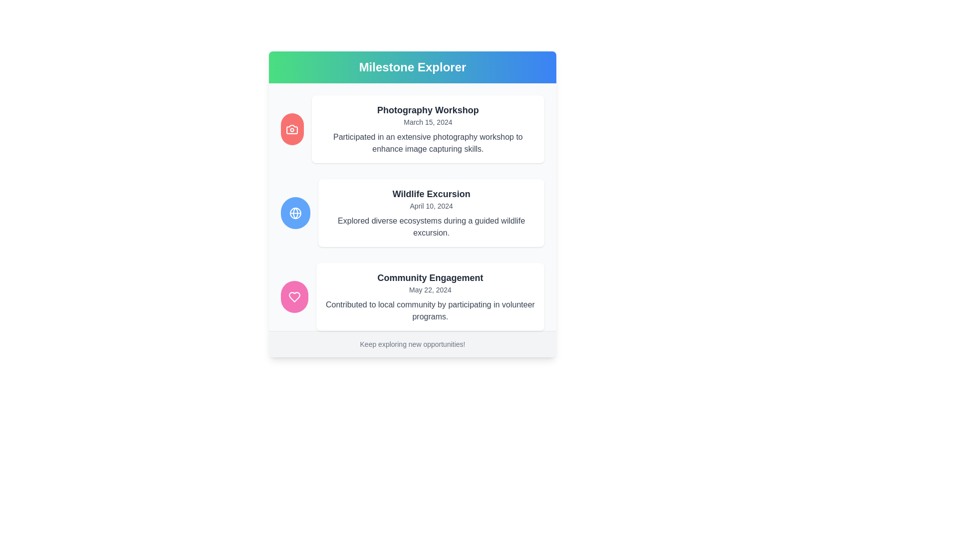 The height and width of the screenshot is (539, 958). I want to click on the text label element that displays 'Keep exploring new opportunities!' styled in a small gray font, located at the bottom of the main content section, so click(412, 344).